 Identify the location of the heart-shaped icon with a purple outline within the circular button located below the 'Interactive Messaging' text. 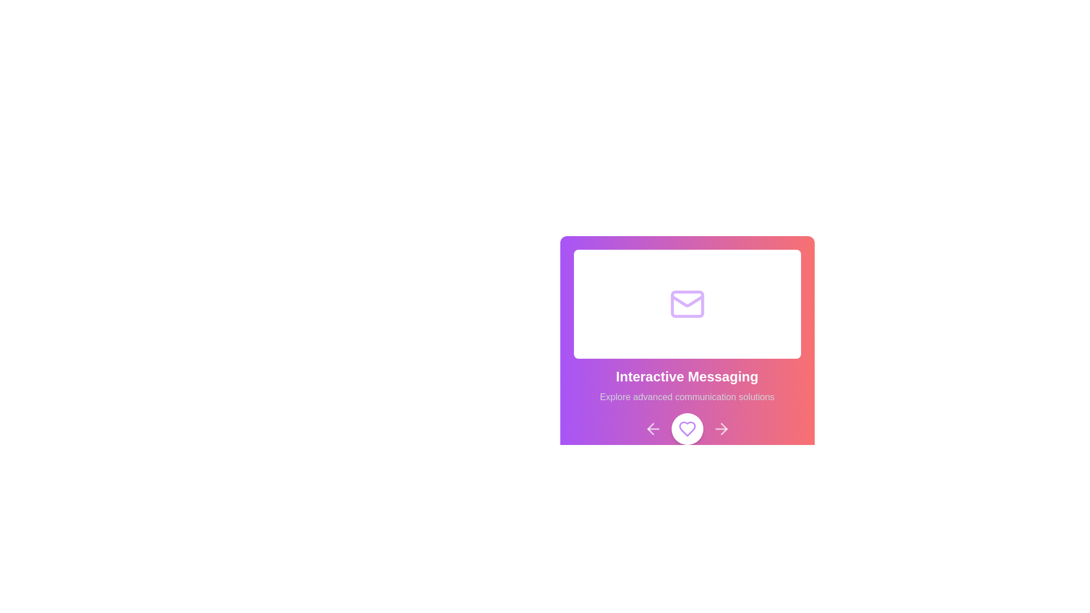
(686, 429).